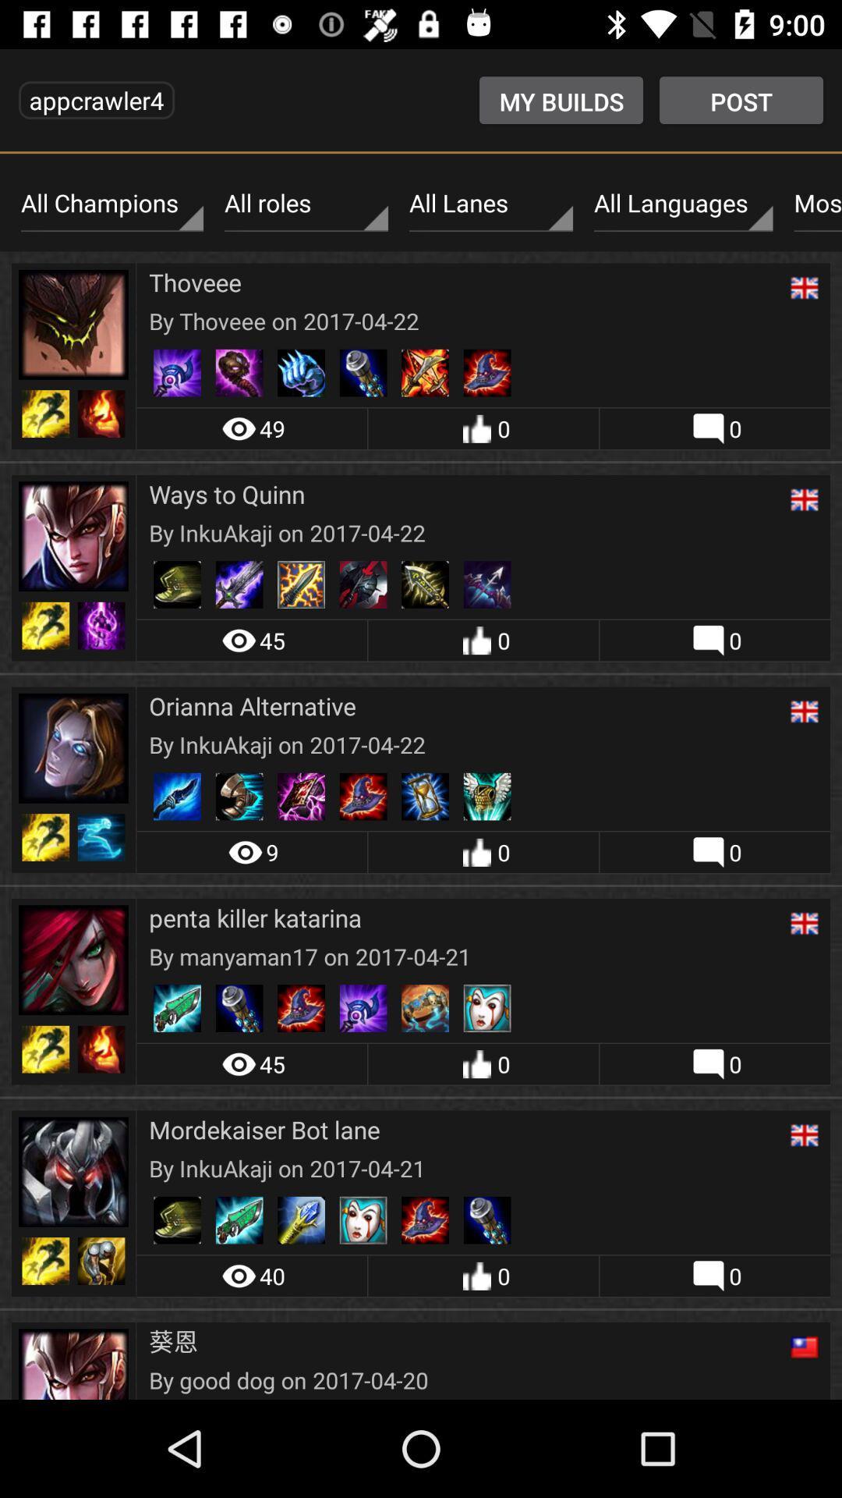 Image resolution: width=842 pixels, height=1498 pixels. What do you see at coordinates (741, 99) in the screenshot?
I see `the post item` at bounding box center [741, 99].